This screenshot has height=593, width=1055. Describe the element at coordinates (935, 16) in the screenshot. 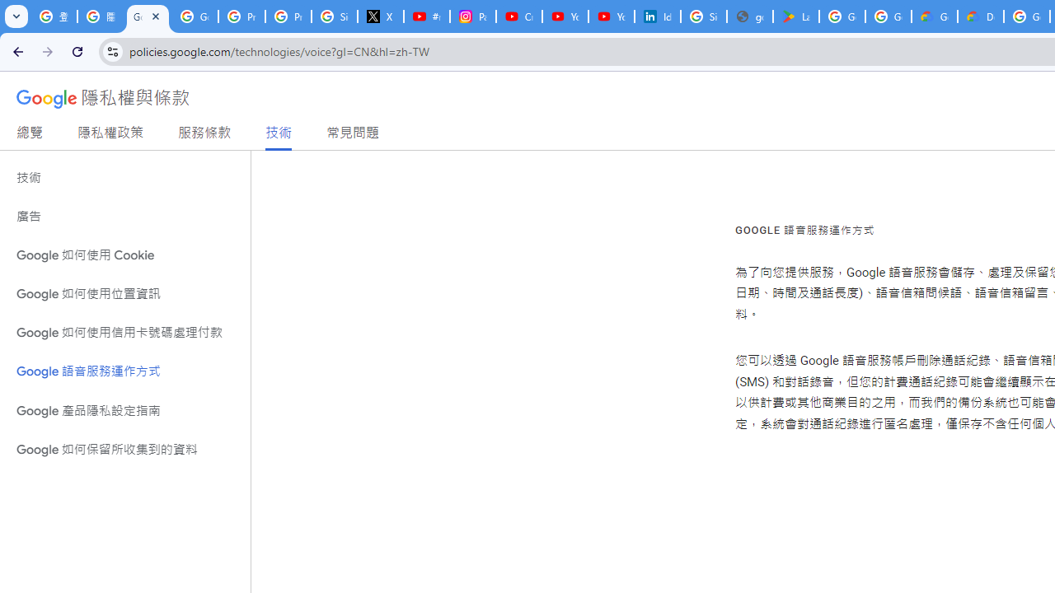

I see `'Government | Google Cloud'` at that location.